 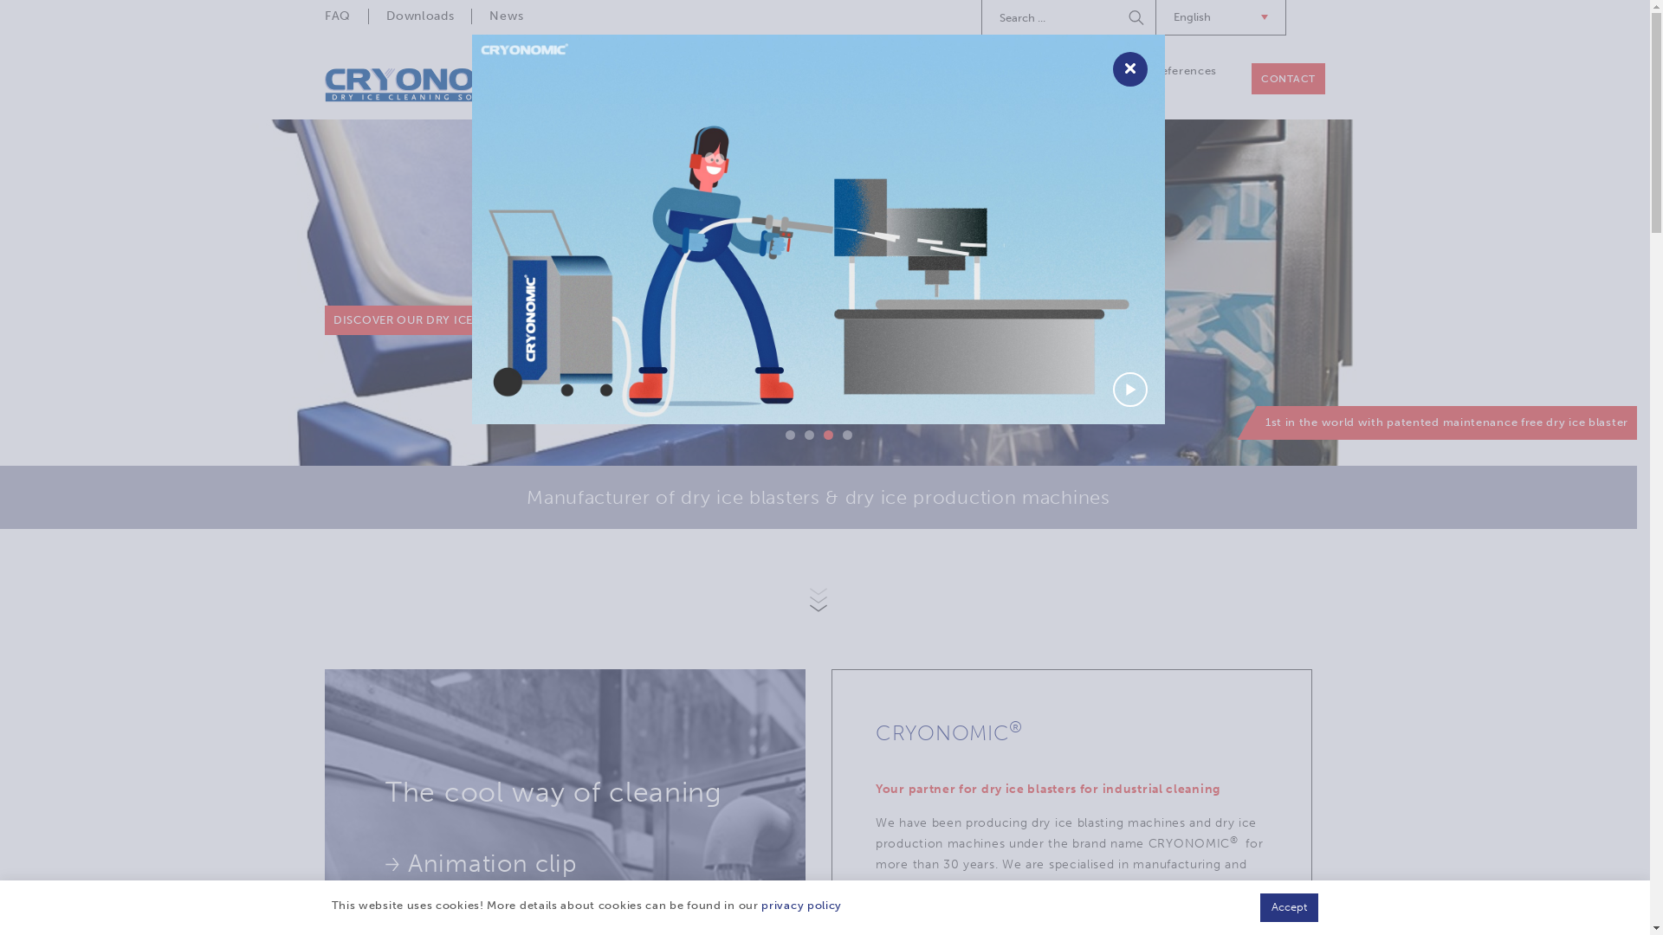 I want to click on 'FAQ', so click(x=346, y=16).